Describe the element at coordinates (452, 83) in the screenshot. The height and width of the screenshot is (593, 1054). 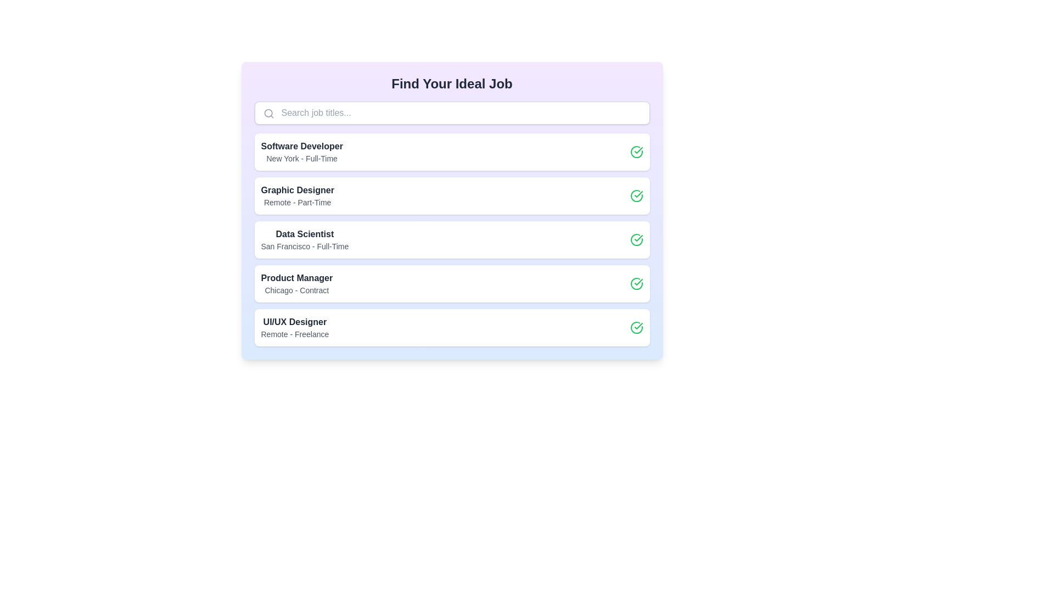
I see `text from the large header that says 'Find Your Ideal Job', which is styled in bold and positioned at the top center of the card layout` at that location.